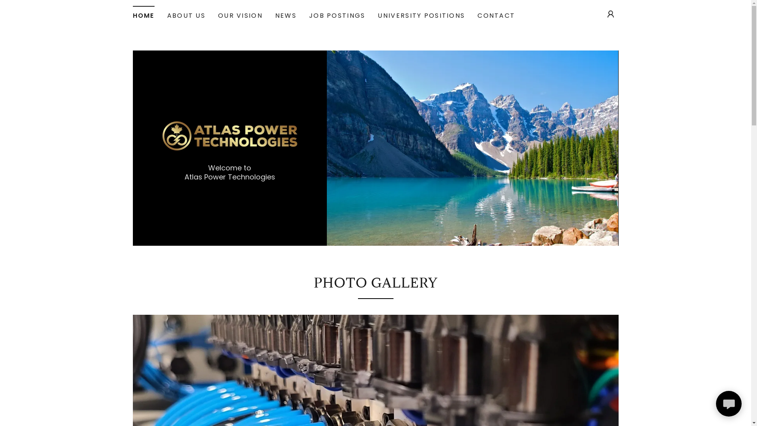  I want to click on 'Atlas Power Generation', so click(229, 135).